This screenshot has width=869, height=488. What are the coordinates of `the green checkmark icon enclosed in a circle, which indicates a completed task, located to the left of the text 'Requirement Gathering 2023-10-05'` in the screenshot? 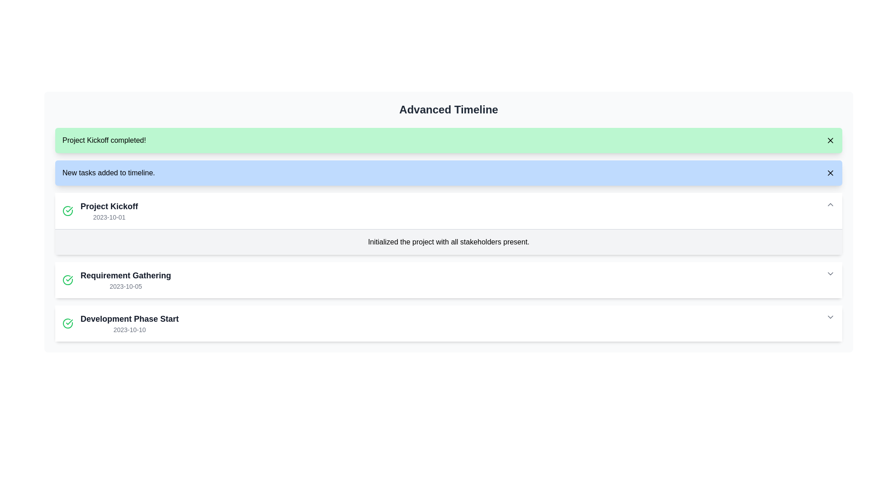 It's located at (67, 280).